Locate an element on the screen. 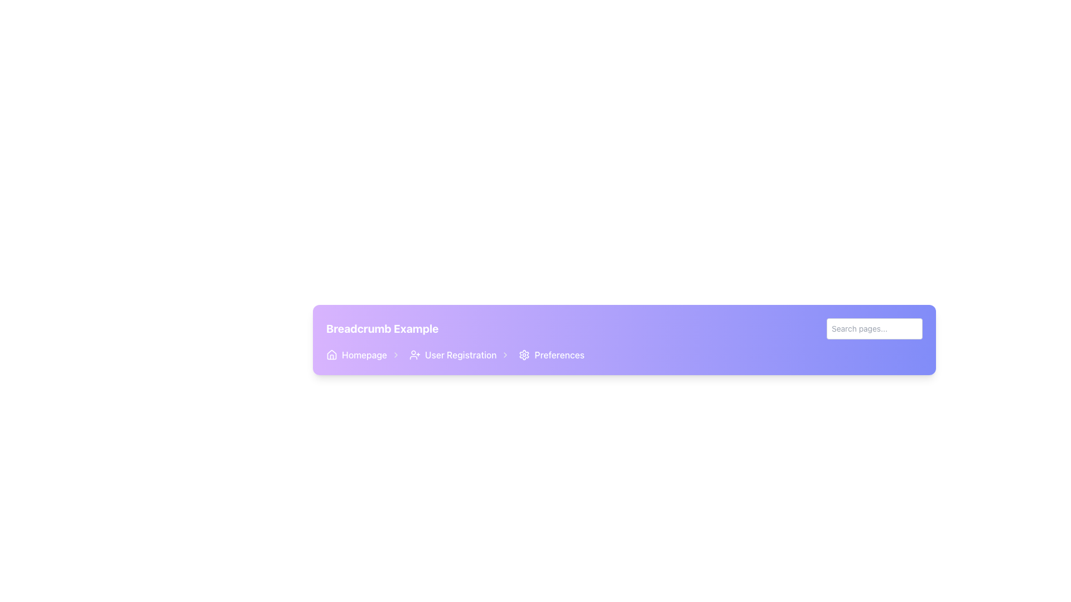 The height and width of the screenshot is (602, 1071). the 'Preferences' breadcrumb link located at the bottom-right of the interface is located at coordinates (552, 355).